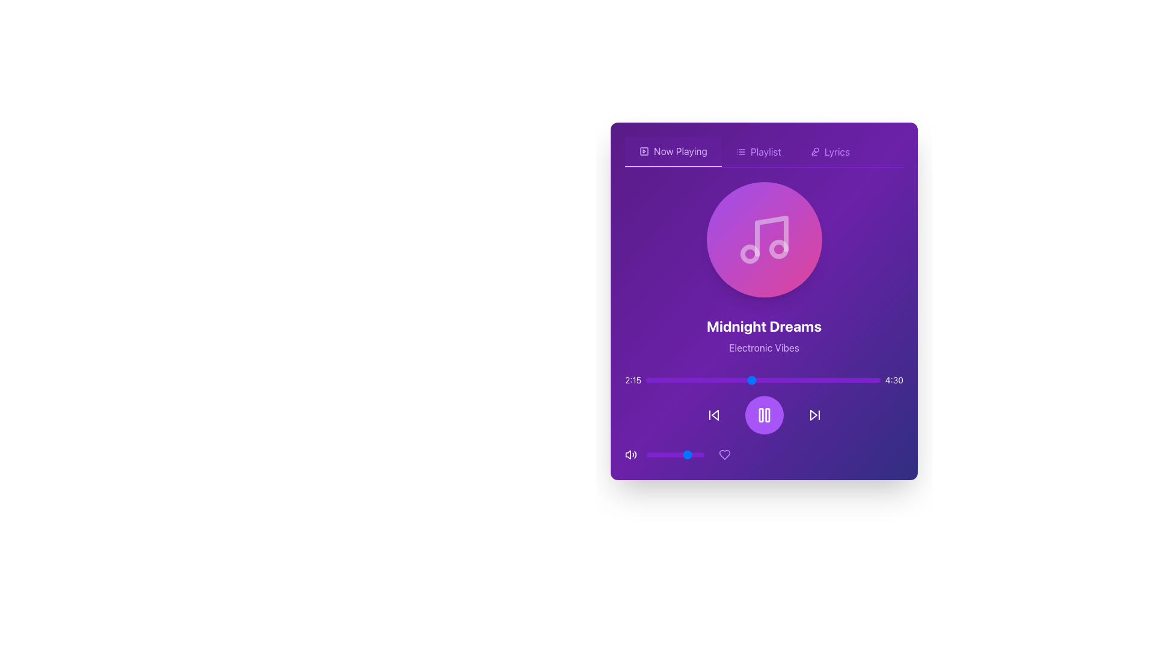  What do you see at coordinates (765, 151) in the screenshot?
I see `the 'Playlist' text label in the navigation interface` at bounding box center [765, 151].